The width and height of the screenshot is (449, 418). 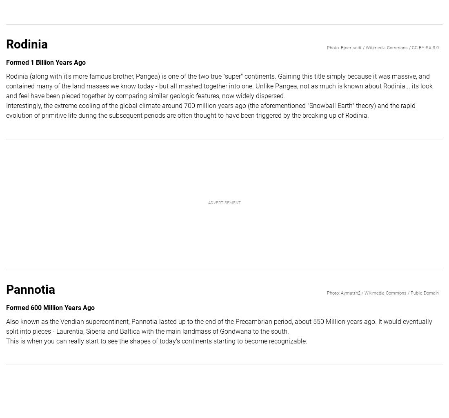 What do you see at coordinates (425, 292) in the screenshot?
I see `'Public Domain'` at bounding box center [425, 292].